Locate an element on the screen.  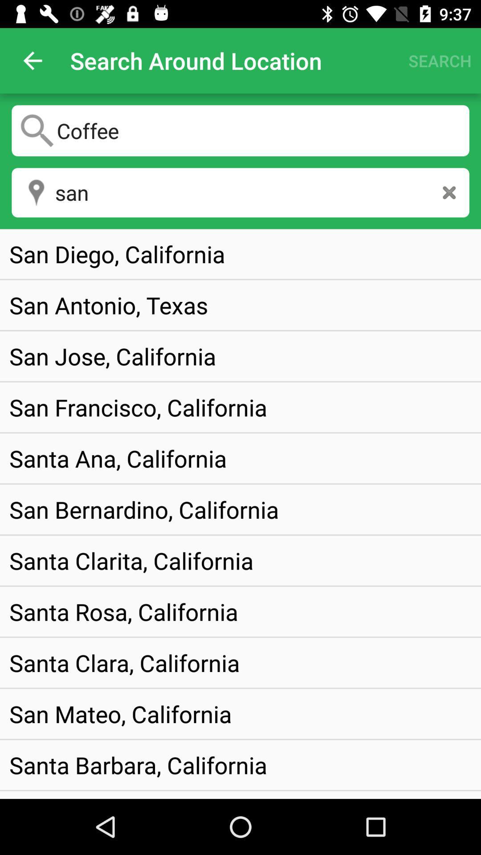
item below the santa barbara, california item is located at coordinates (104, 795).